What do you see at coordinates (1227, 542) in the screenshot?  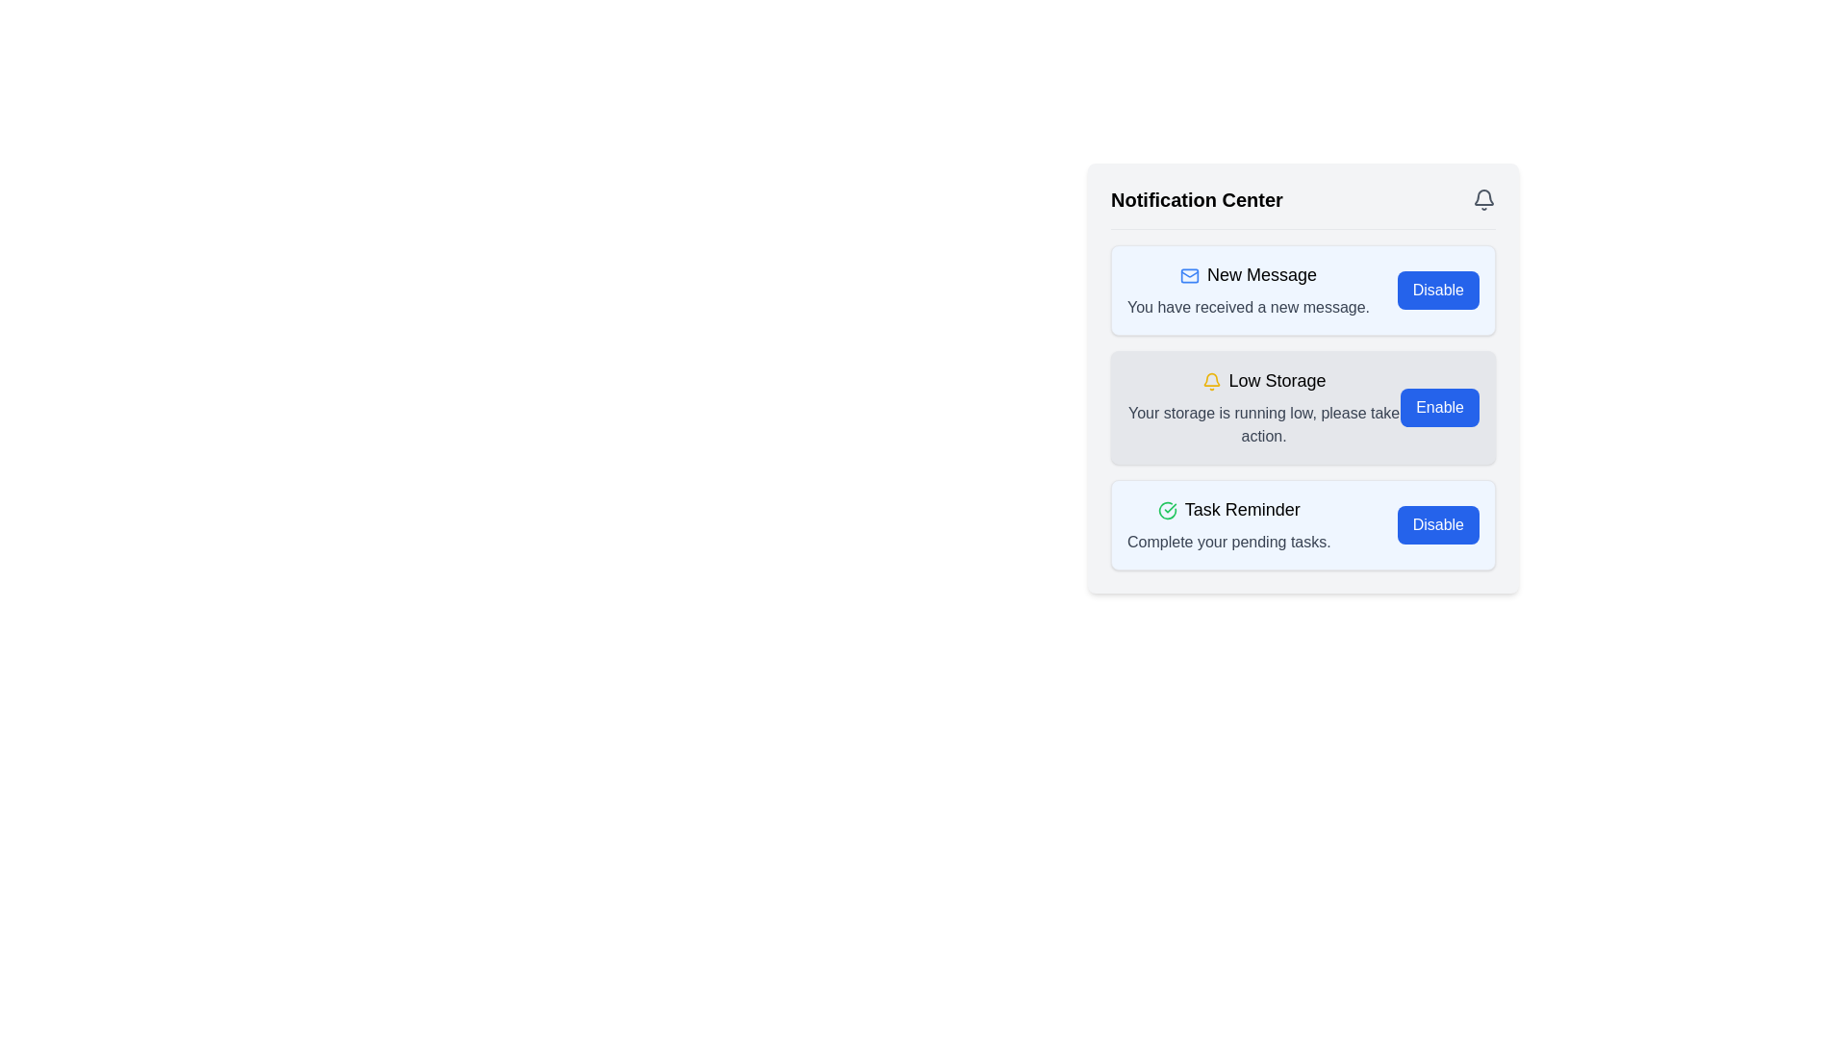 I see `the text element that serves as a reminder within the 'Task Reminder' card, located below the heading and to the left of the 'Disable' button` at bounding box center [1227, 542].